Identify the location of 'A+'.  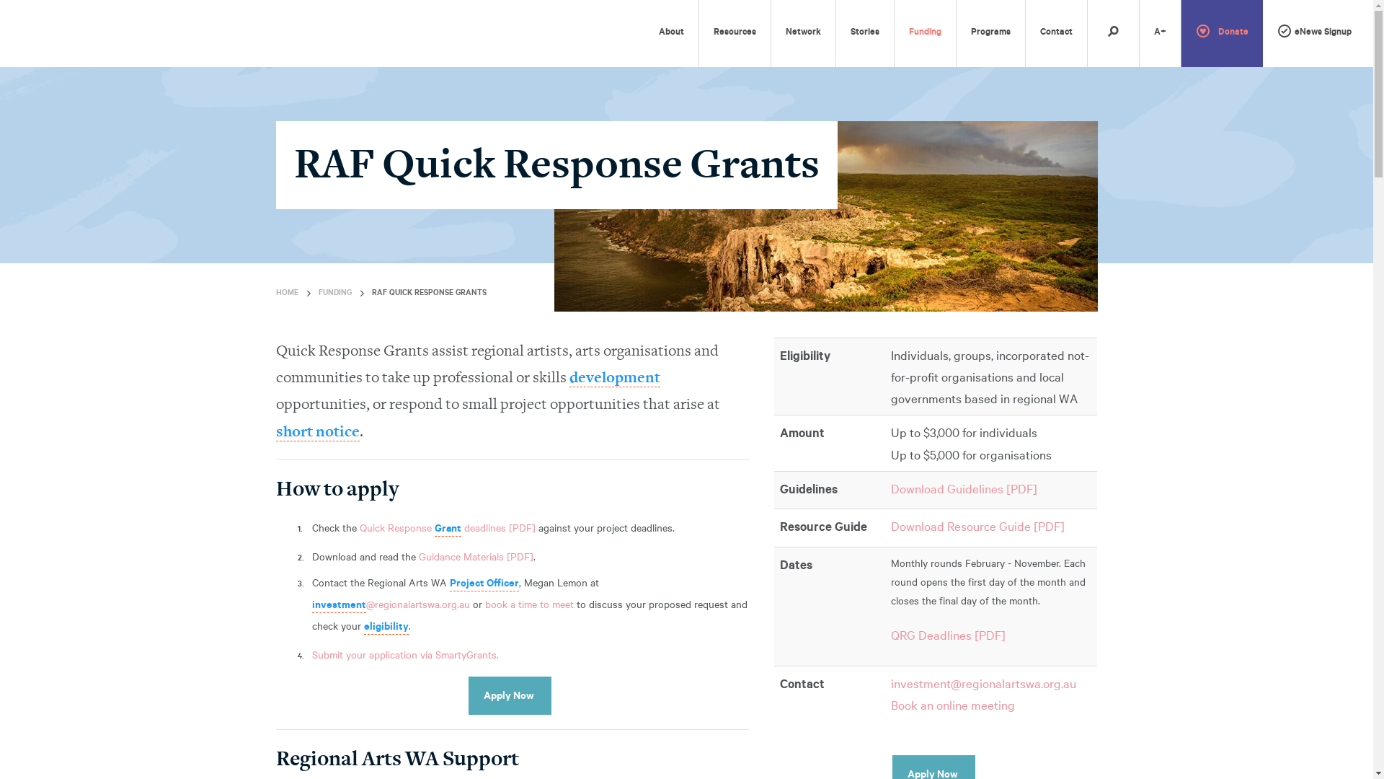
(1138, 32).